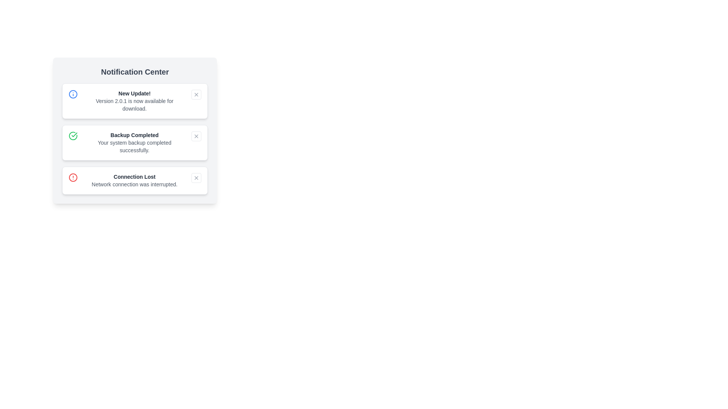  I want to click on an individual notification card within the Notification Center, which is located towards the top-left area of the interface, so click(135, 143).